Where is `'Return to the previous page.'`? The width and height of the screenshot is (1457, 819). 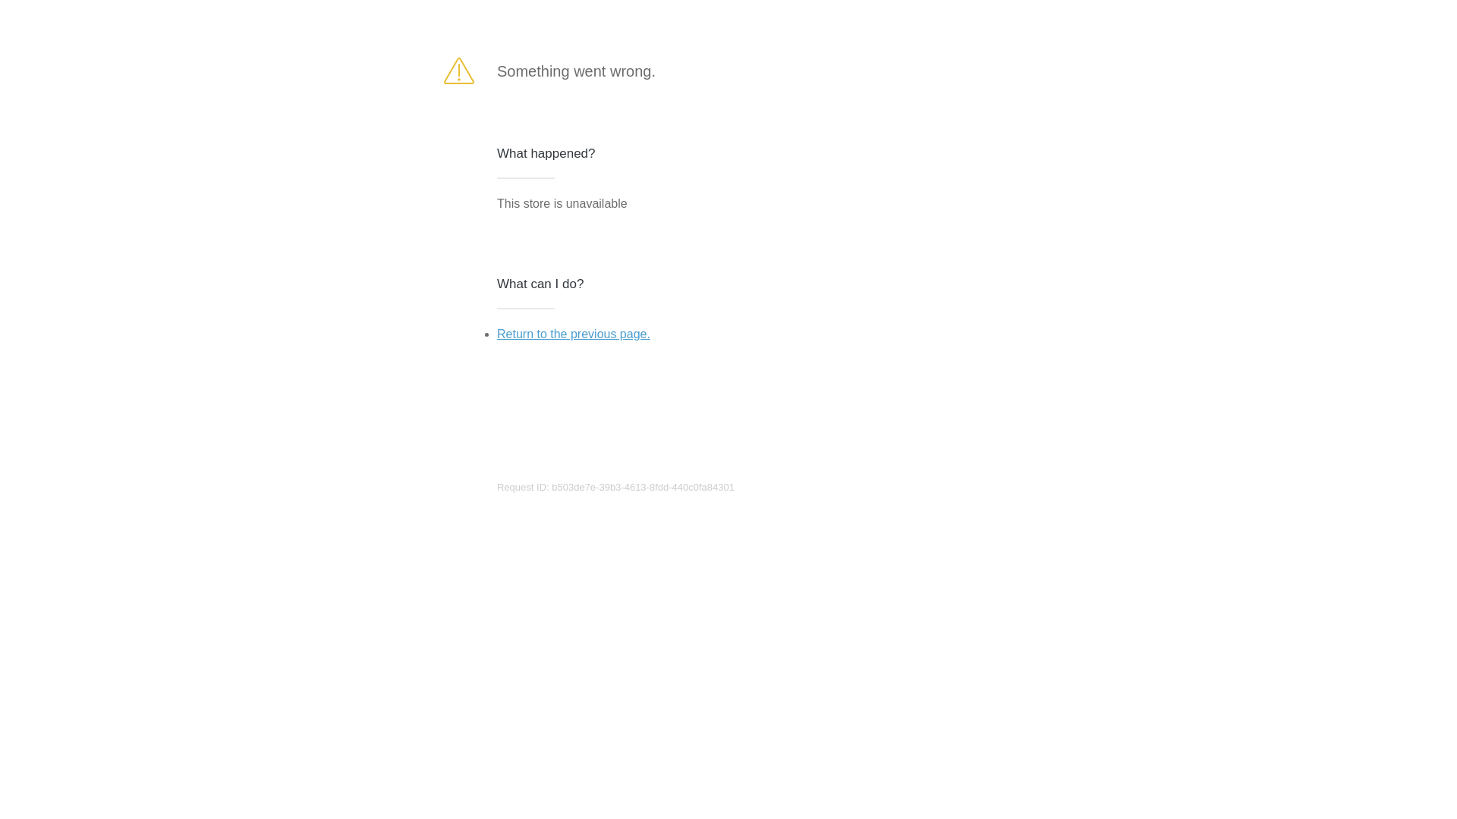
'Return to the previous page.' is located at coordinates (496, 333).